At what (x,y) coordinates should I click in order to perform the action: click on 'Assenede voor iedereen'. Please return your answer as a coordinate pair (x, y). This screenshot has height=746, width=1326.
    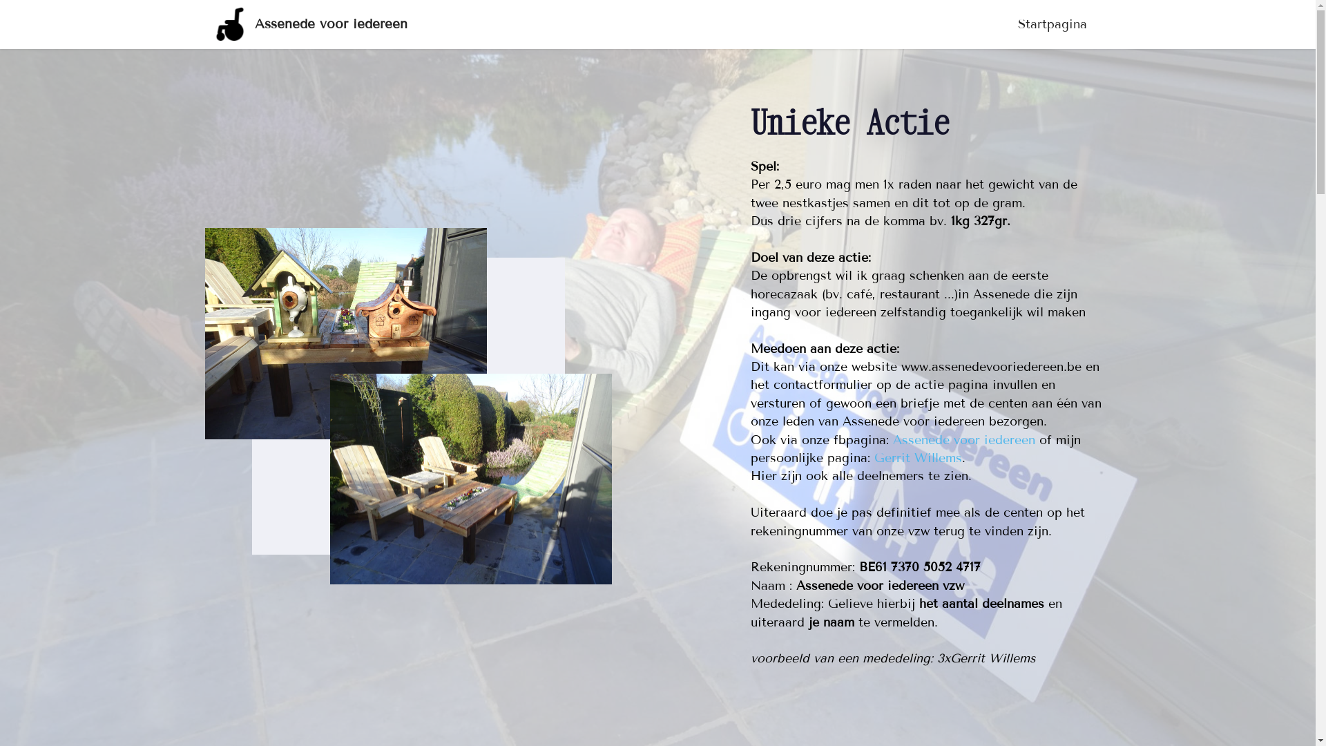
    Looking at the image, I should click on (255, 23).